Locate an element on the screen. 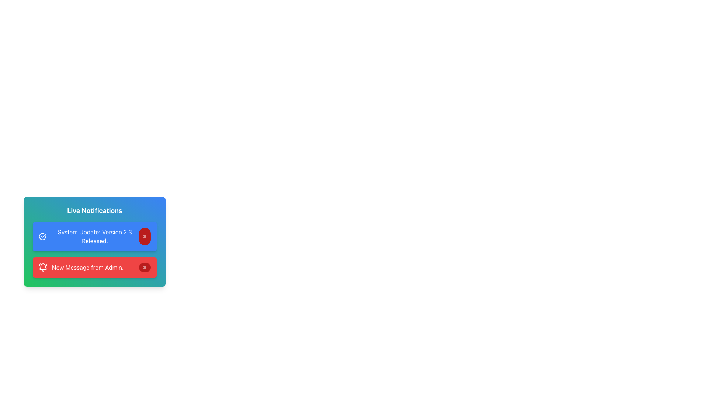  the second notification in the 'Live Notifications' panel, which has a bell icon and a red background is located at coordinates (81, 267).